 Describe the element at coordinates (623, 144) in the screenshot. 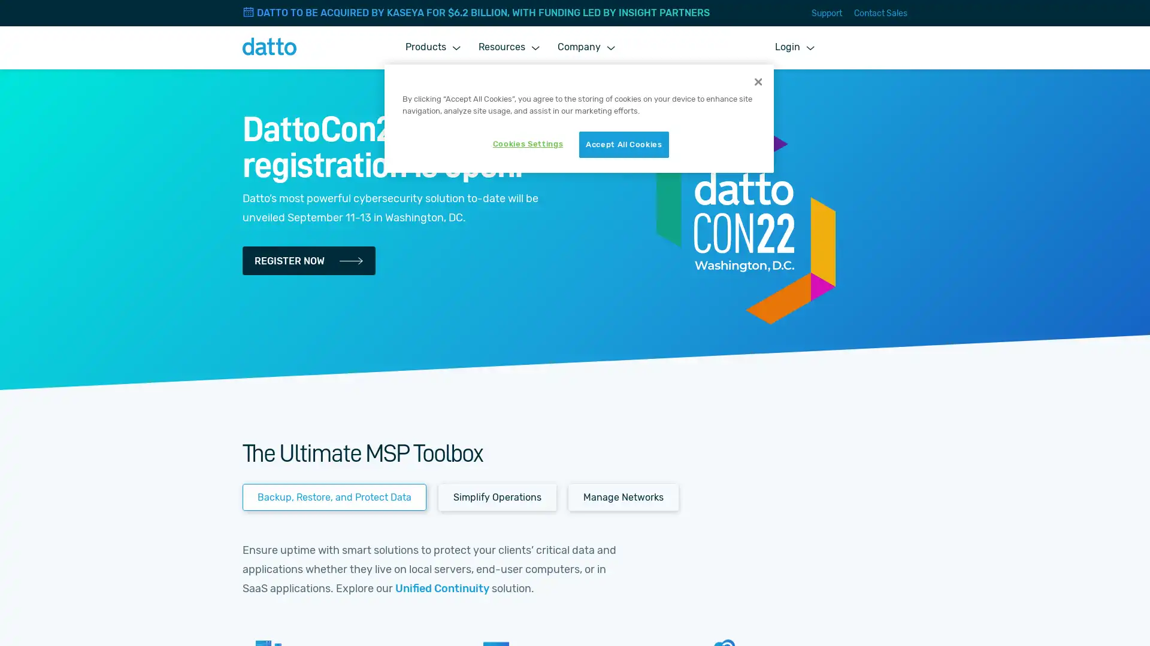

I see `Accept All Cookies` at that location.